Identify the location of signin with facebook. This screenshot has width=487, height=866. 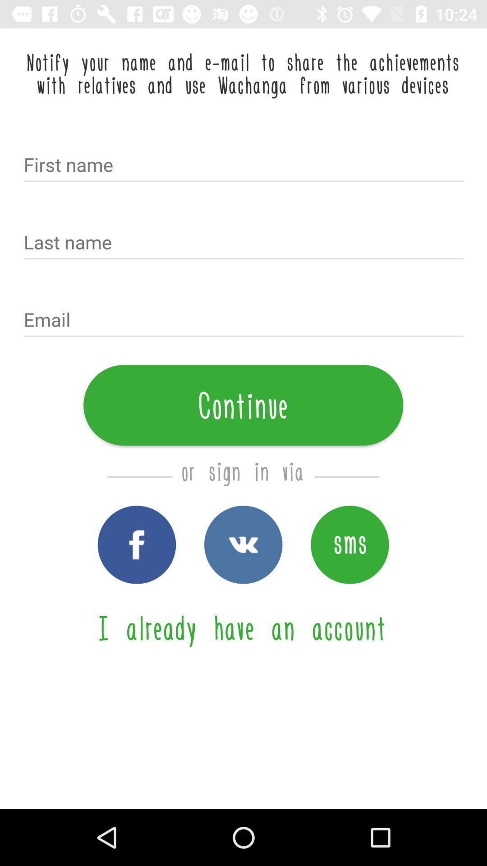
(137, 544).